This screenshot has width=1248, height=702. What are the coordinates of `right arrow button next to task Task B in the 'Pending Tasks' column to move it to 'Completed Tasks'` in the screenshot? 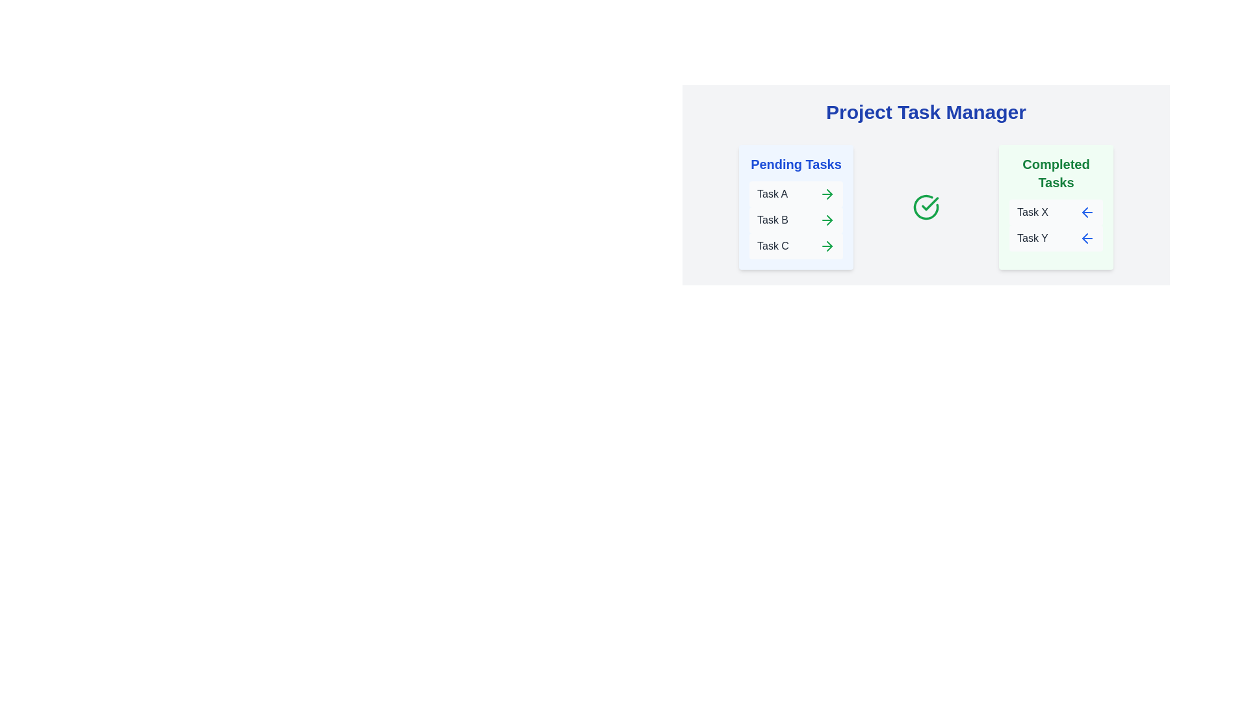 It's located at (826, 220).